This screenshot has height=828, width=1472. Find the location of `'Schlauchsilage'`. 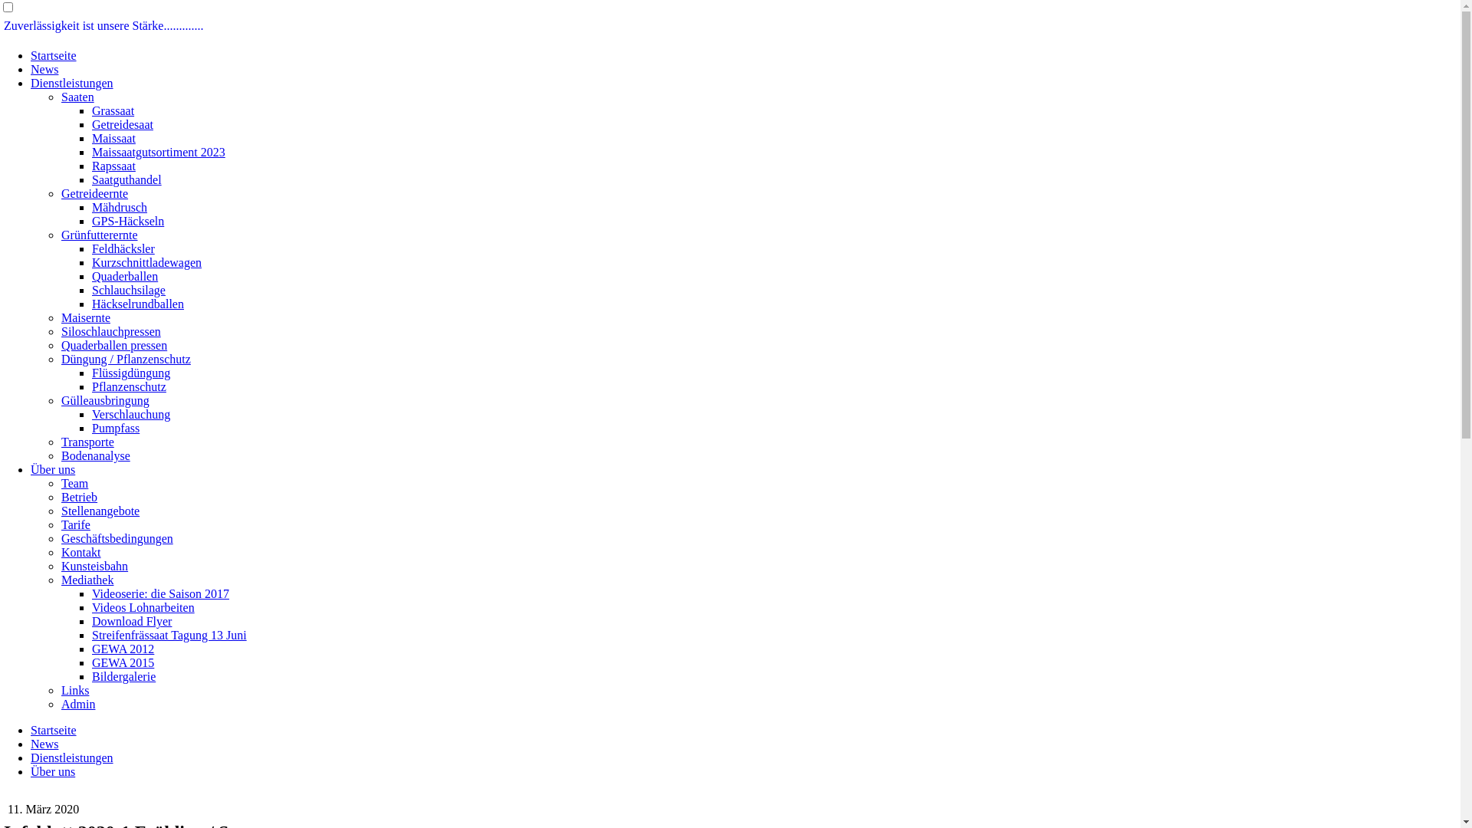

'Schlauchsilage' is located at coordinates (91, 290).